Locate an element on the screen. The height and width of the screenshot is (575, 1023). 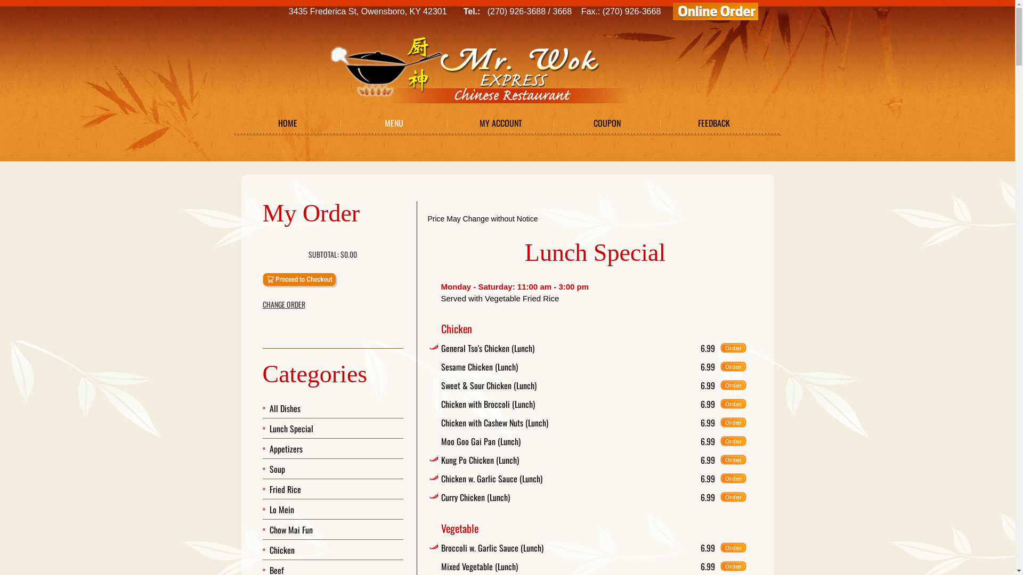
'Chow Mai Fun' is located at coordinates (291, 530).